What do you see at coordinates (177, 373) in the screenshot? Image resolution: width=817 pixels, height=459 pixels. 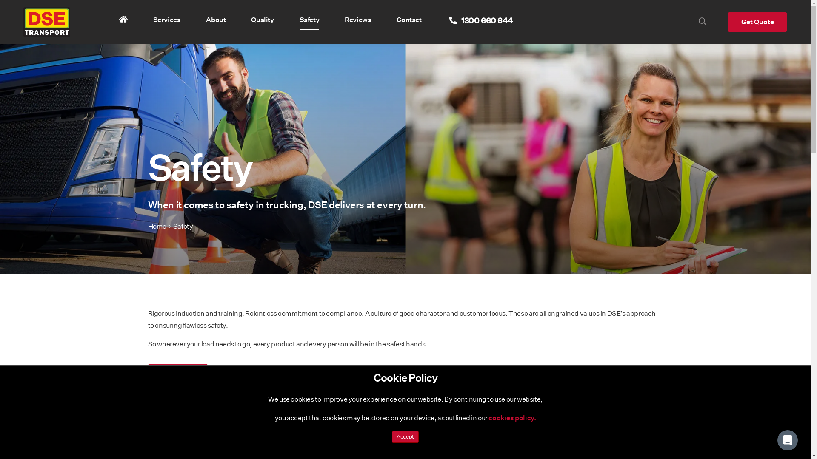 I see `'About Us'` at bounding box center [177, 373].